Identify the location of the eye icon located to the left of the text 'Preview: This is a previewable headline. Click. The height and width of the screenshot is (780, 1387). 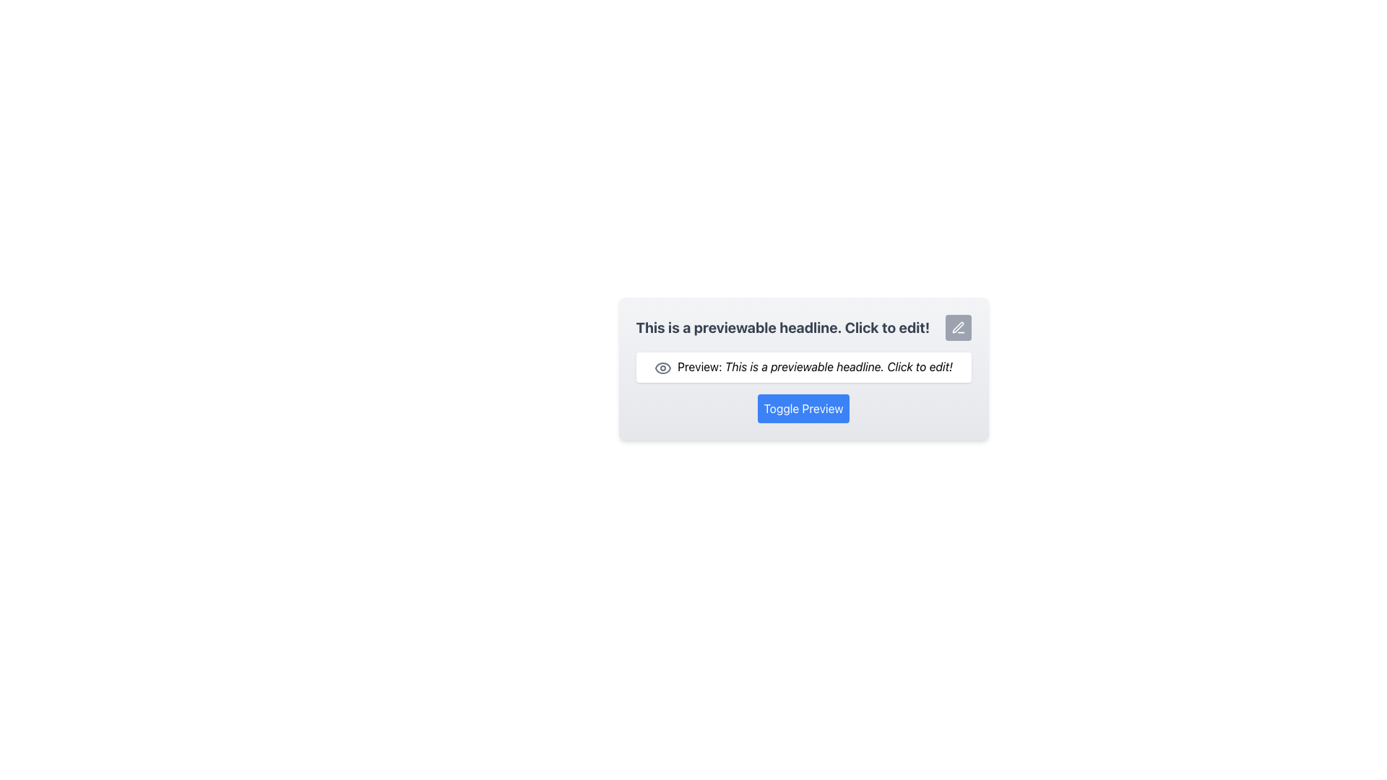
(662, 367).